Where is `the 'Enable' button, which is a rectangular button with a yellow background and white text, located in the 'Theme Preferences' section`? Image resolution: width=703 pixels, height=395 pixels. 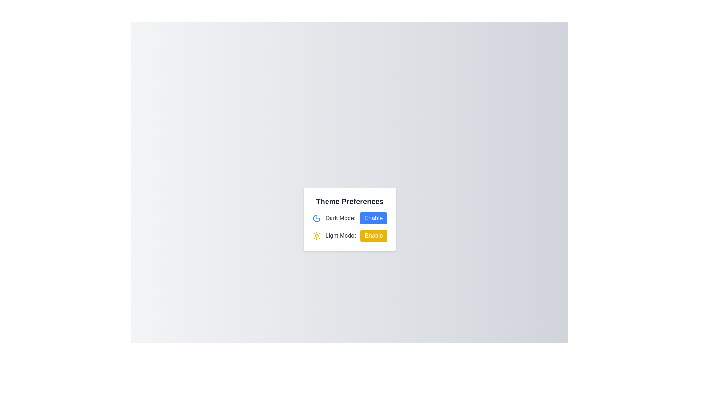 the 'Enable' button, which is a rectangular button with a yellow background and white text, located in the 'Theme Preferences' section is located at coordinates (374, 236).